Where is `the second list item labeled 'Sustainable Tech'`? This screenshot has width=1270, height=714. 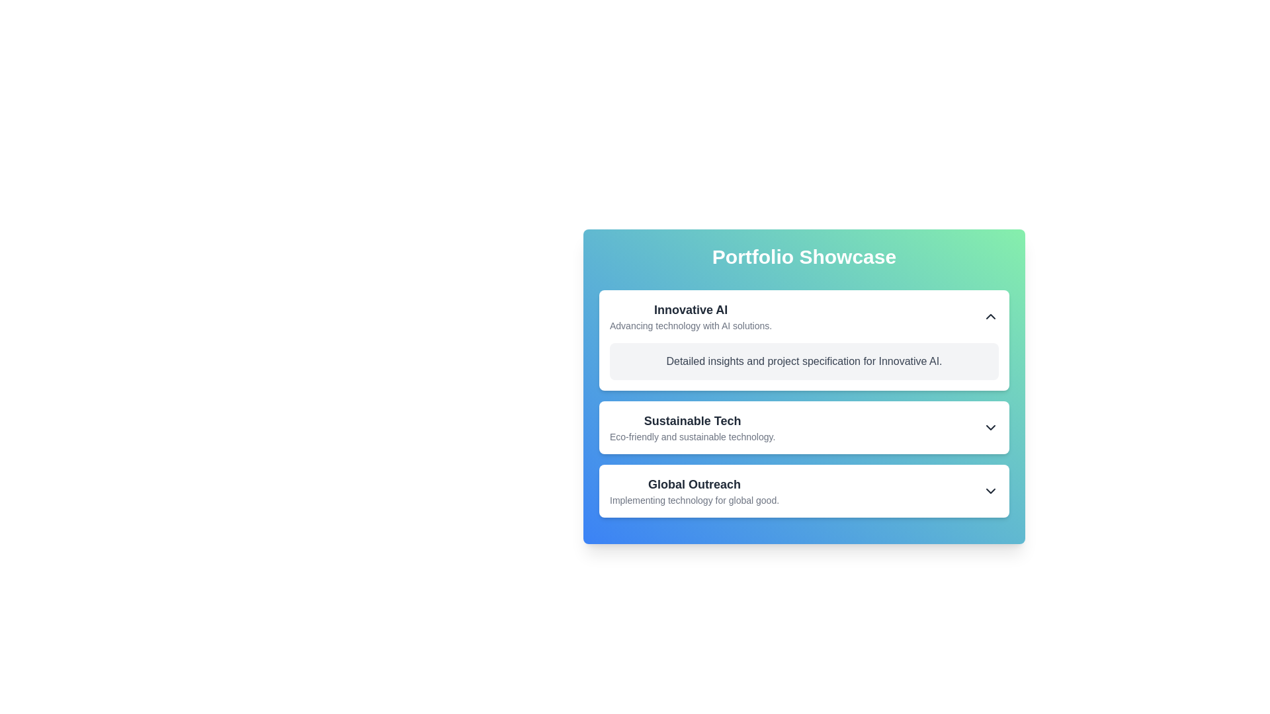
the second list item labeled 'Sustainable Tech' is located at coordinates (803, 428).